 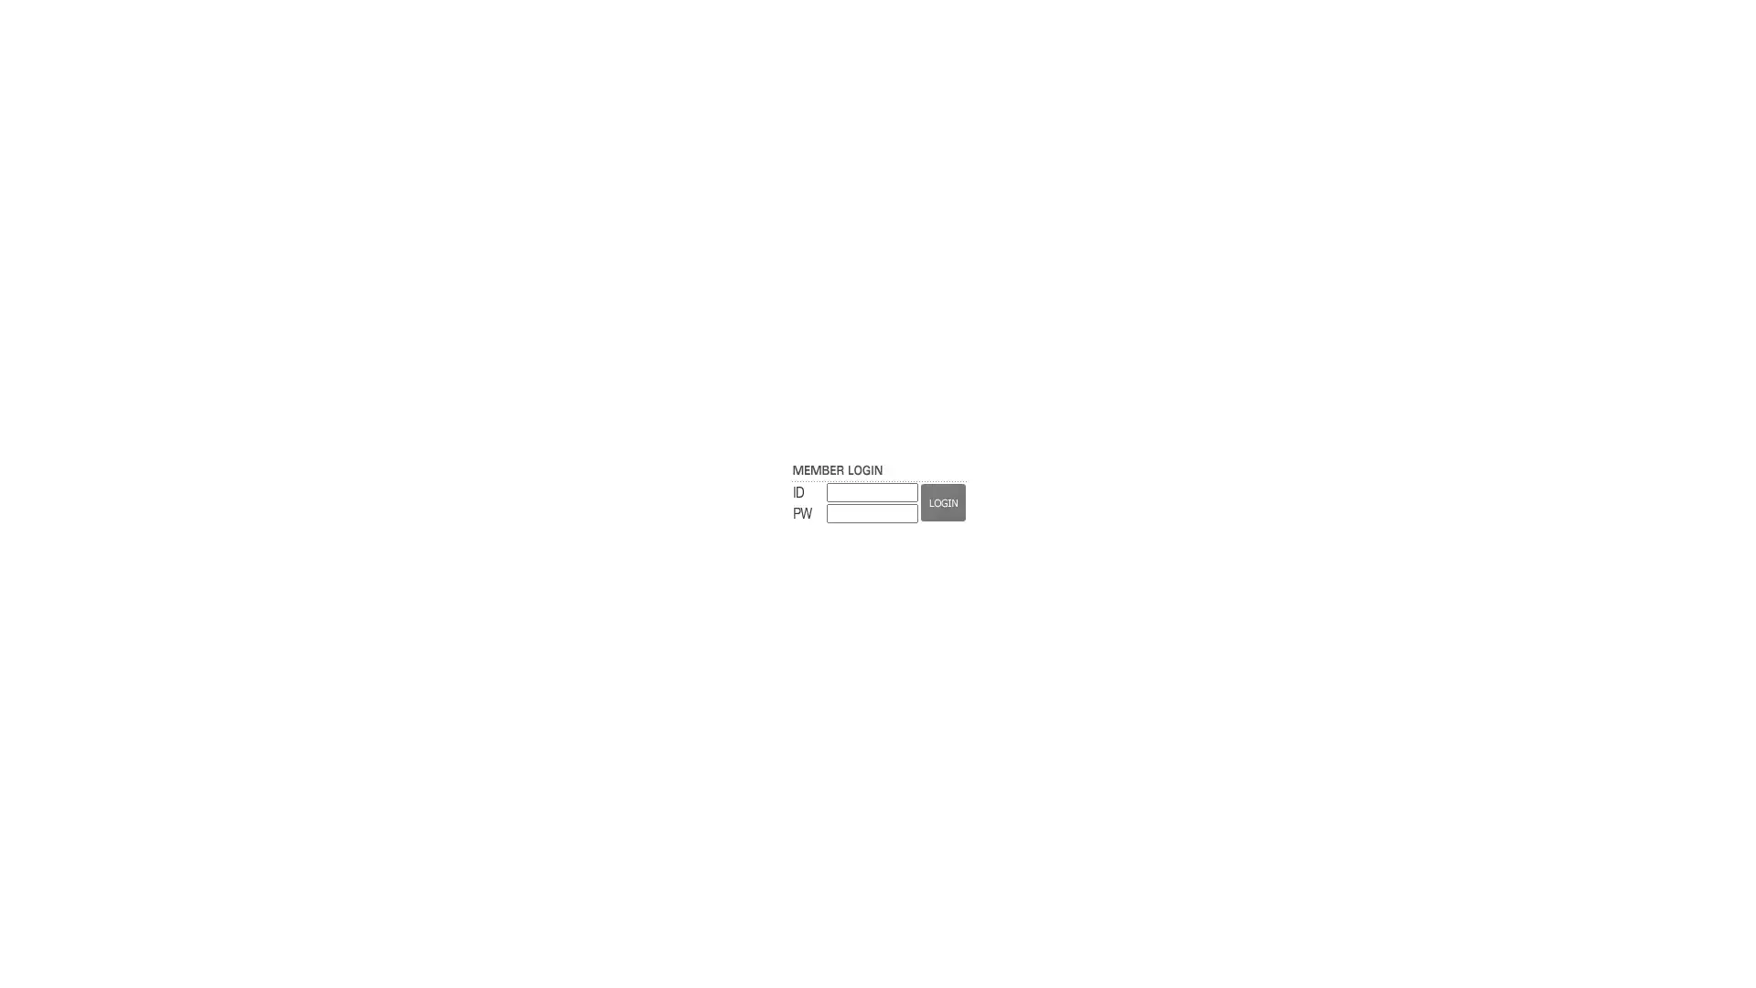 I want to click on Submit, so click(x=942, y=502).